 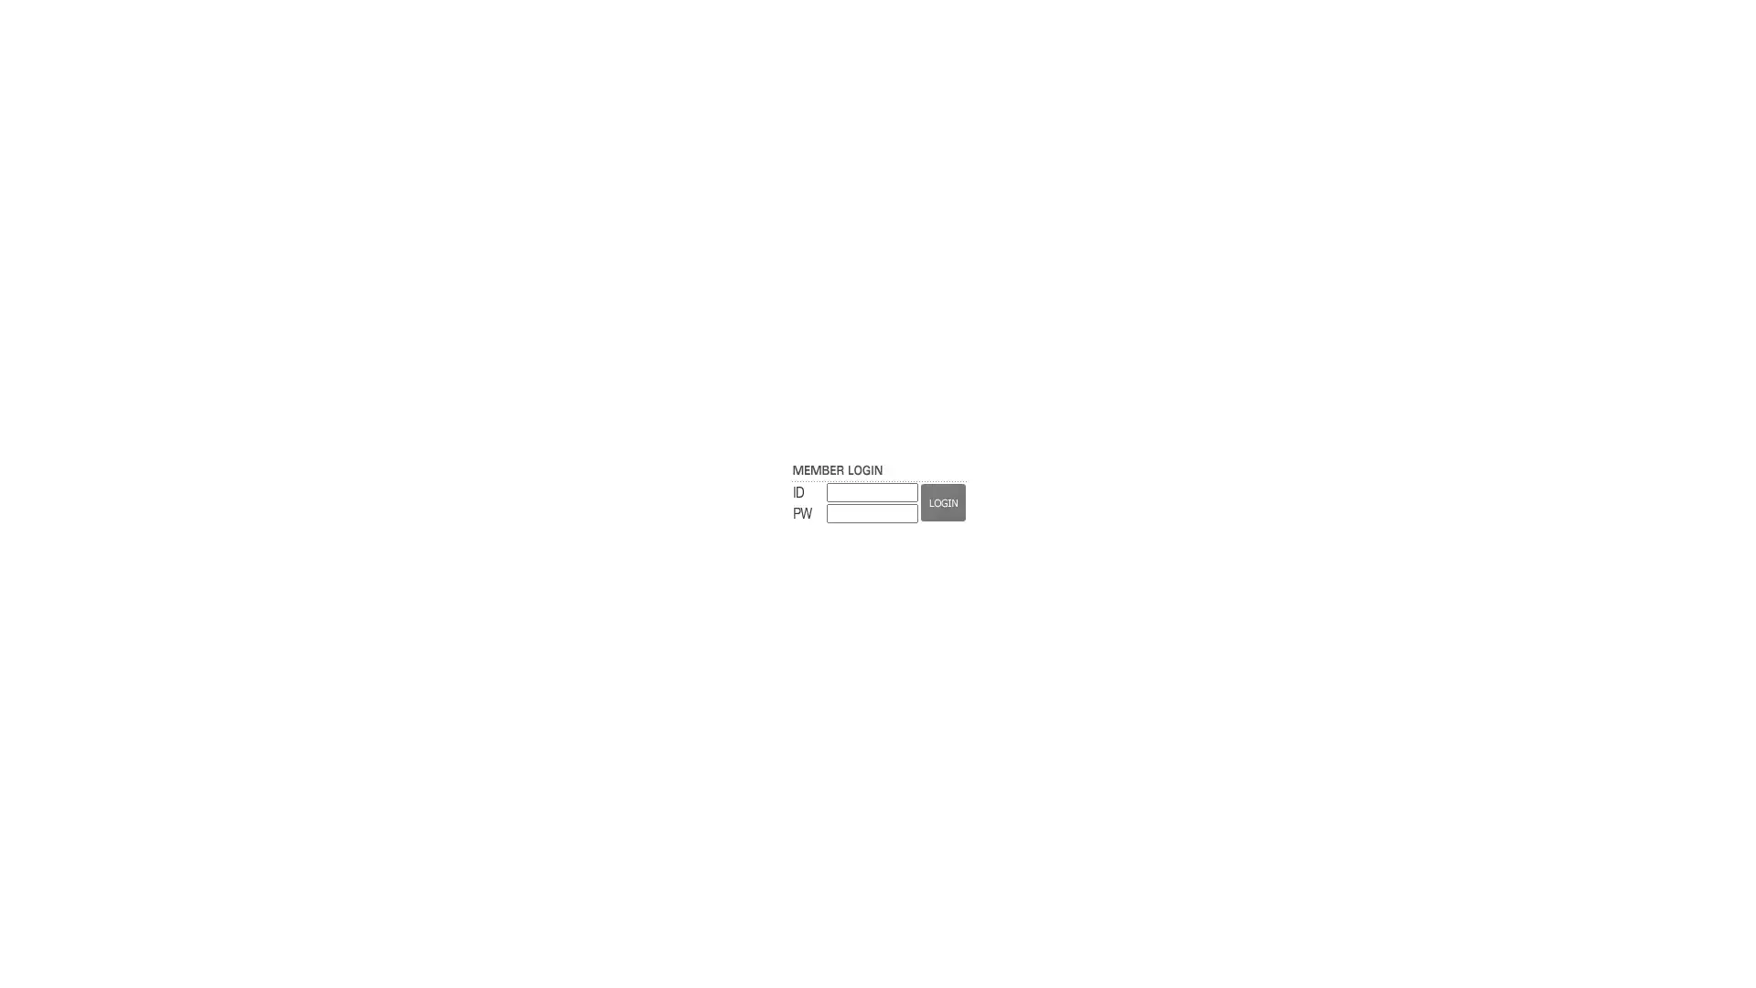 I want to click on Submit, so click(x=942, y=502).